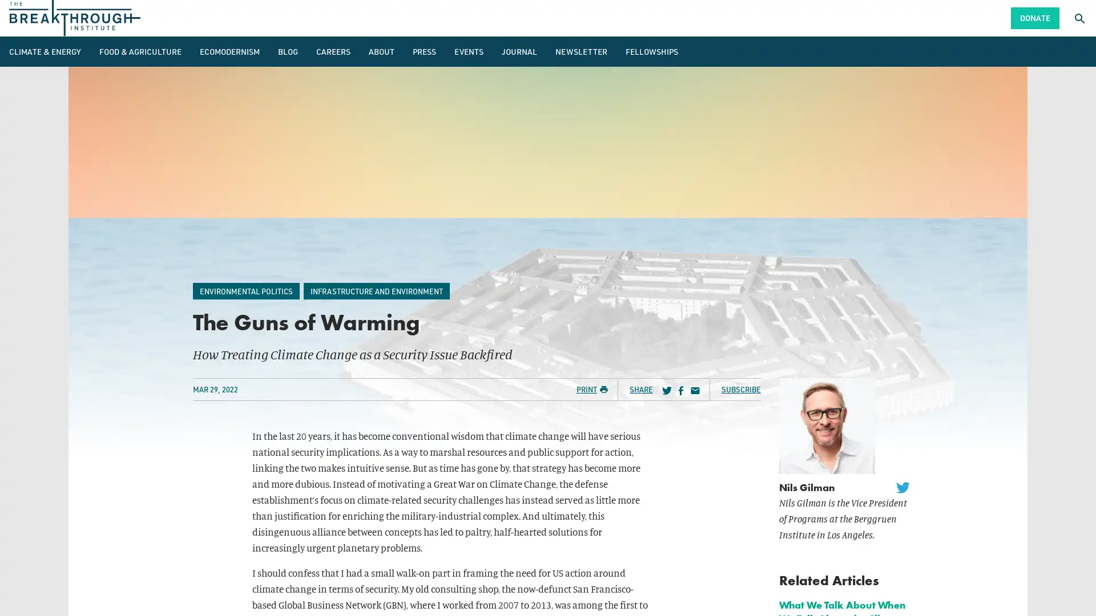 Image resolution: width=1096 pixels, height=616 pixels. Describe the element at coordinates (400, 385) in the screenshot. I see `Subscribe` at that location.